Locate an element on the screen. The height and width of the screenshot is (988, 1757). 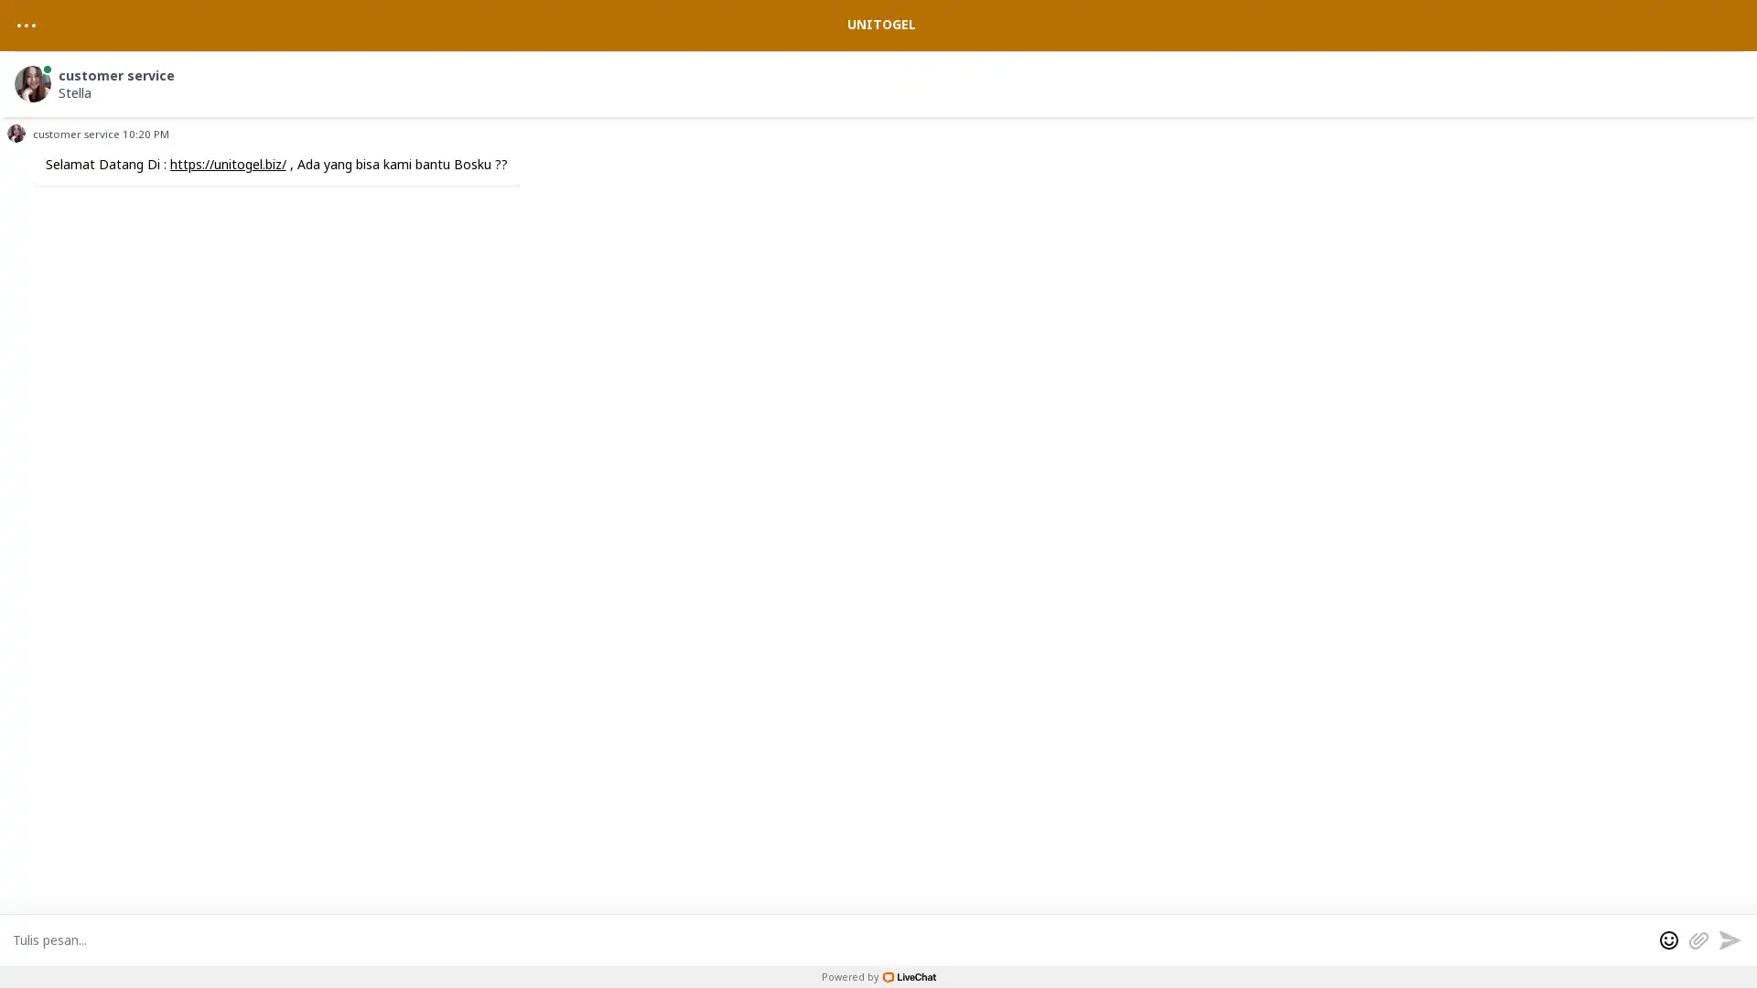
open emoji picker is located at coordinates (1669, 939).